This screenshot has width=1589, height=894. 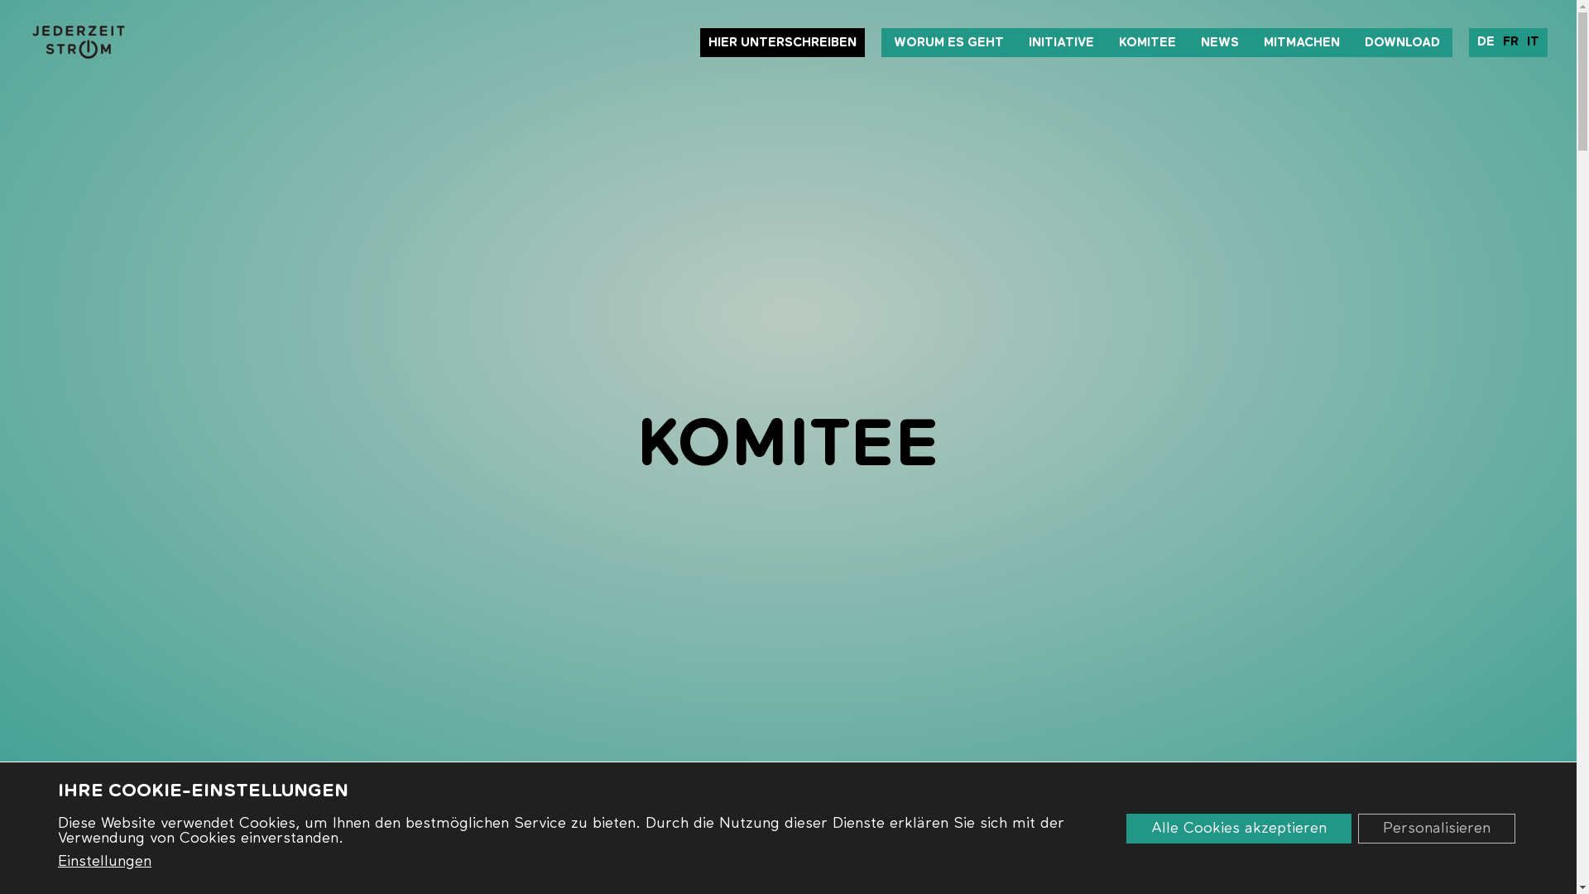 What do you see at coordinates (699, 41) in the screenshot?
I see `'HIER UNTERSCHREIBEN'` at bounding box center [699, 41].